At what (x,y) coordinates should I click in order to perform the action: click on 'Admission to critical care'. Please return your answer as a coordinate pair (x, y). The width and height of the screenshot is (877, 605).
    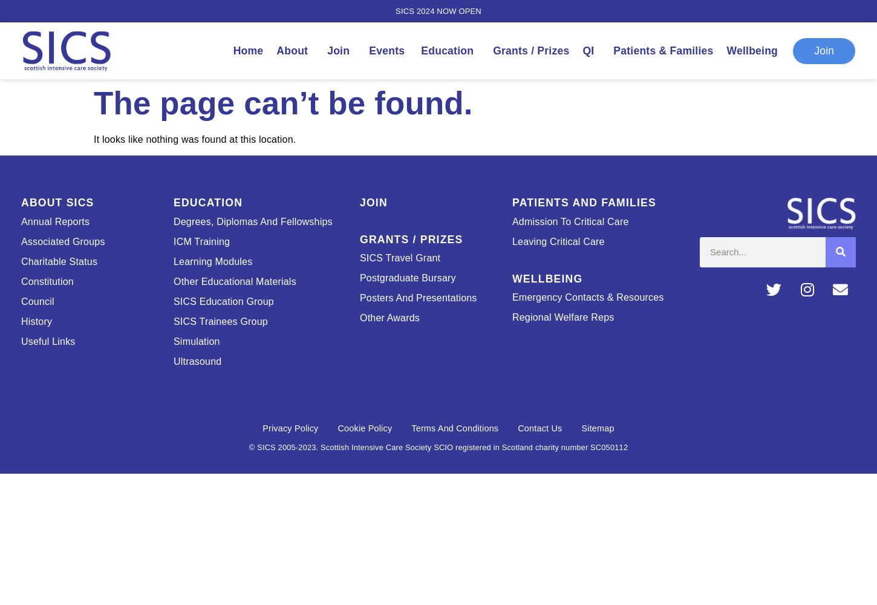
    Looking at the image, I should click on (569, 220).